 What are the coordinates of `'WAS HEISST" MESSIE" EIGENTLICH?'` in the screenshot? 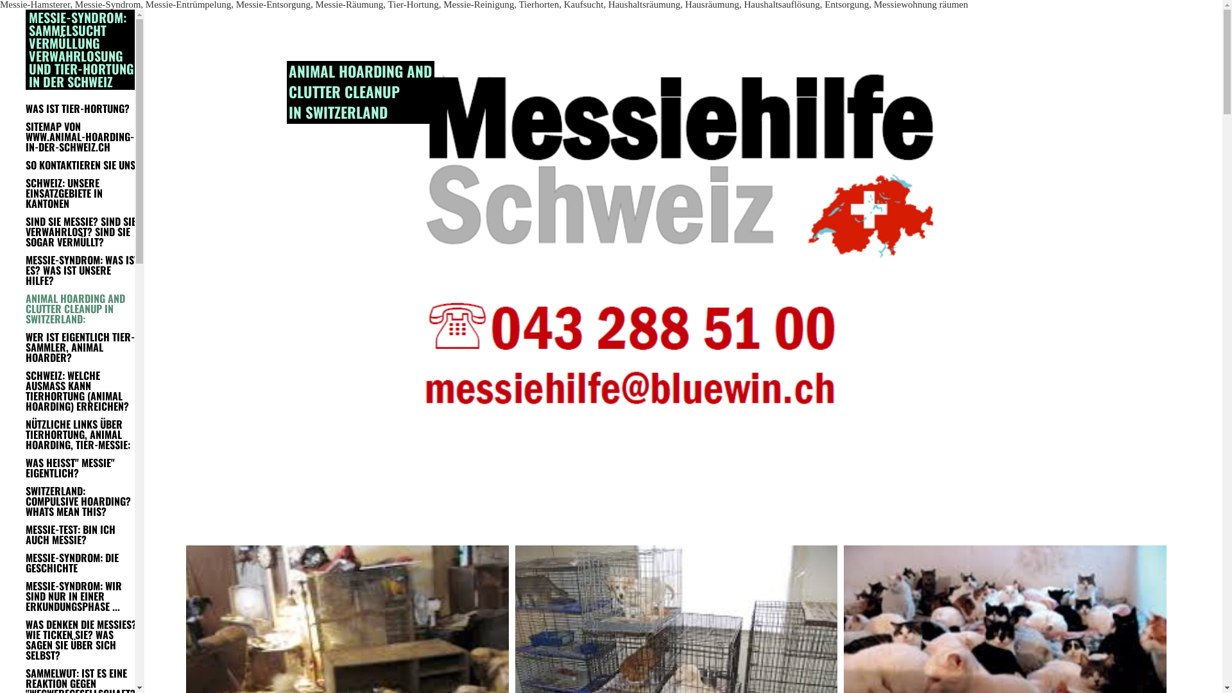 It's located at (81, 468).